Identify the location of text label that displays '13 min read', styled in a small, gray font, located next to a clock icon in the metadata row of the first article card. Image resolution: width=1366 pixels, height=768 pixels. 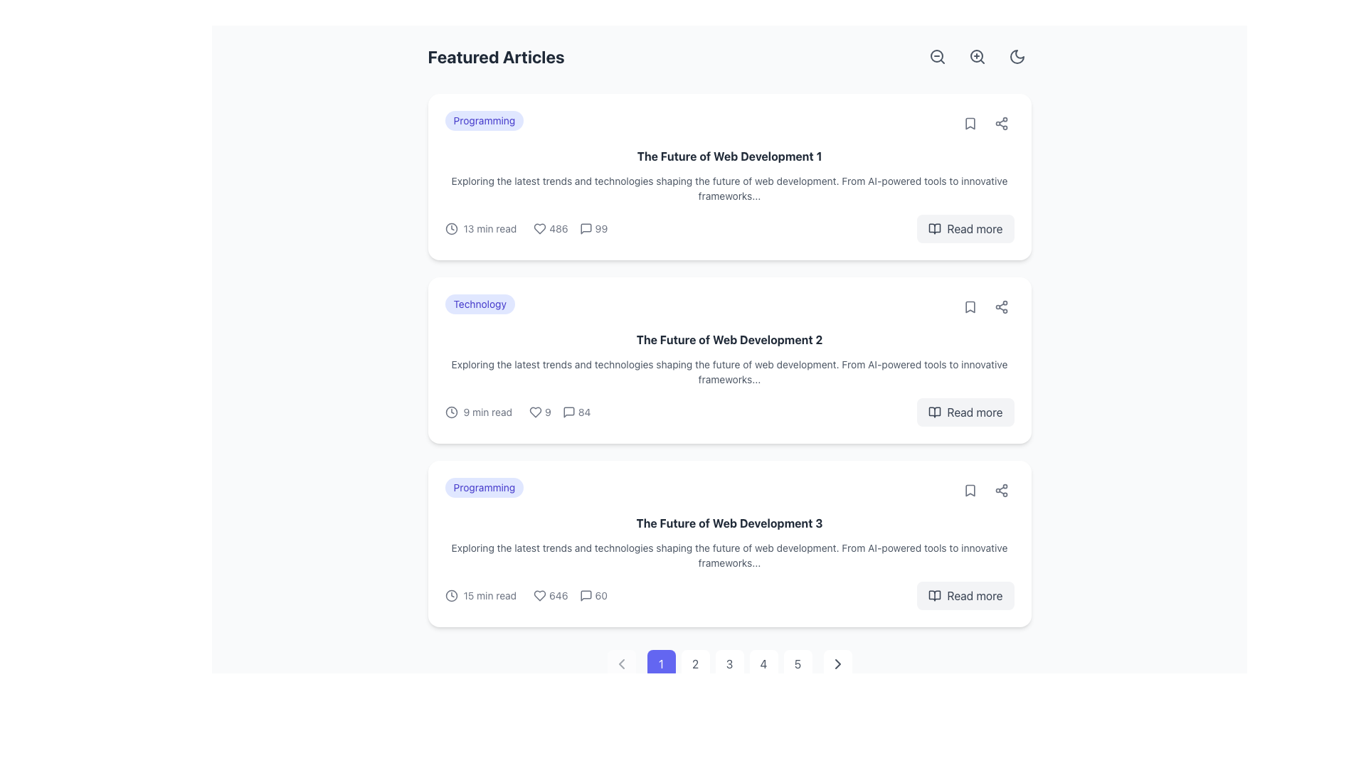
(489, 228).